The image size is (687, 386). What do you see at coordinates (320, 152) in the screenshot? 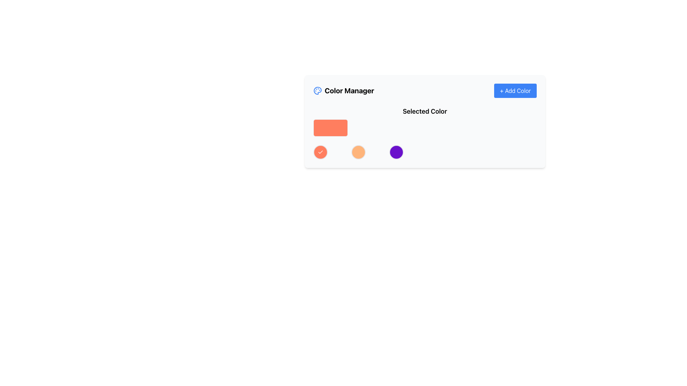
I see `the orange circular button containing the white checkmark icon located at the bottom left of the color selection card` at bounding box center [320, 152].